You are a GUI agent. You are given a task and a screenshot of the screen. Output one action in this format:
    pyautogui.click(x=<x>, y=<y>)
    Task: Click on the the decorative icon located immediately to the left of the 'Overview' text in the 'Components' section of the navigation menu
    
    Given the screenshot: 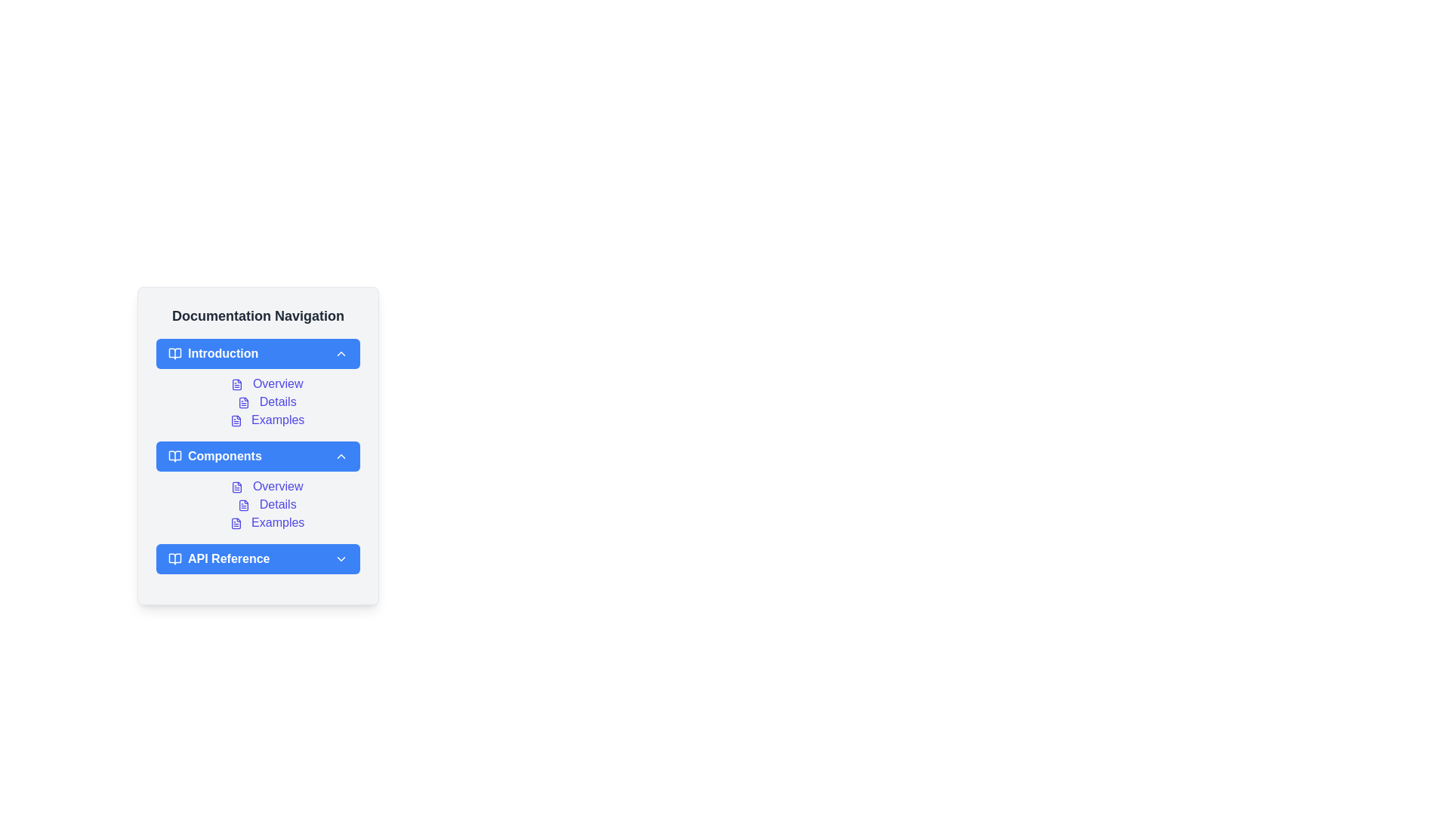 What is the action you would take?
    pyautogui.click(x=236, y=487)
    